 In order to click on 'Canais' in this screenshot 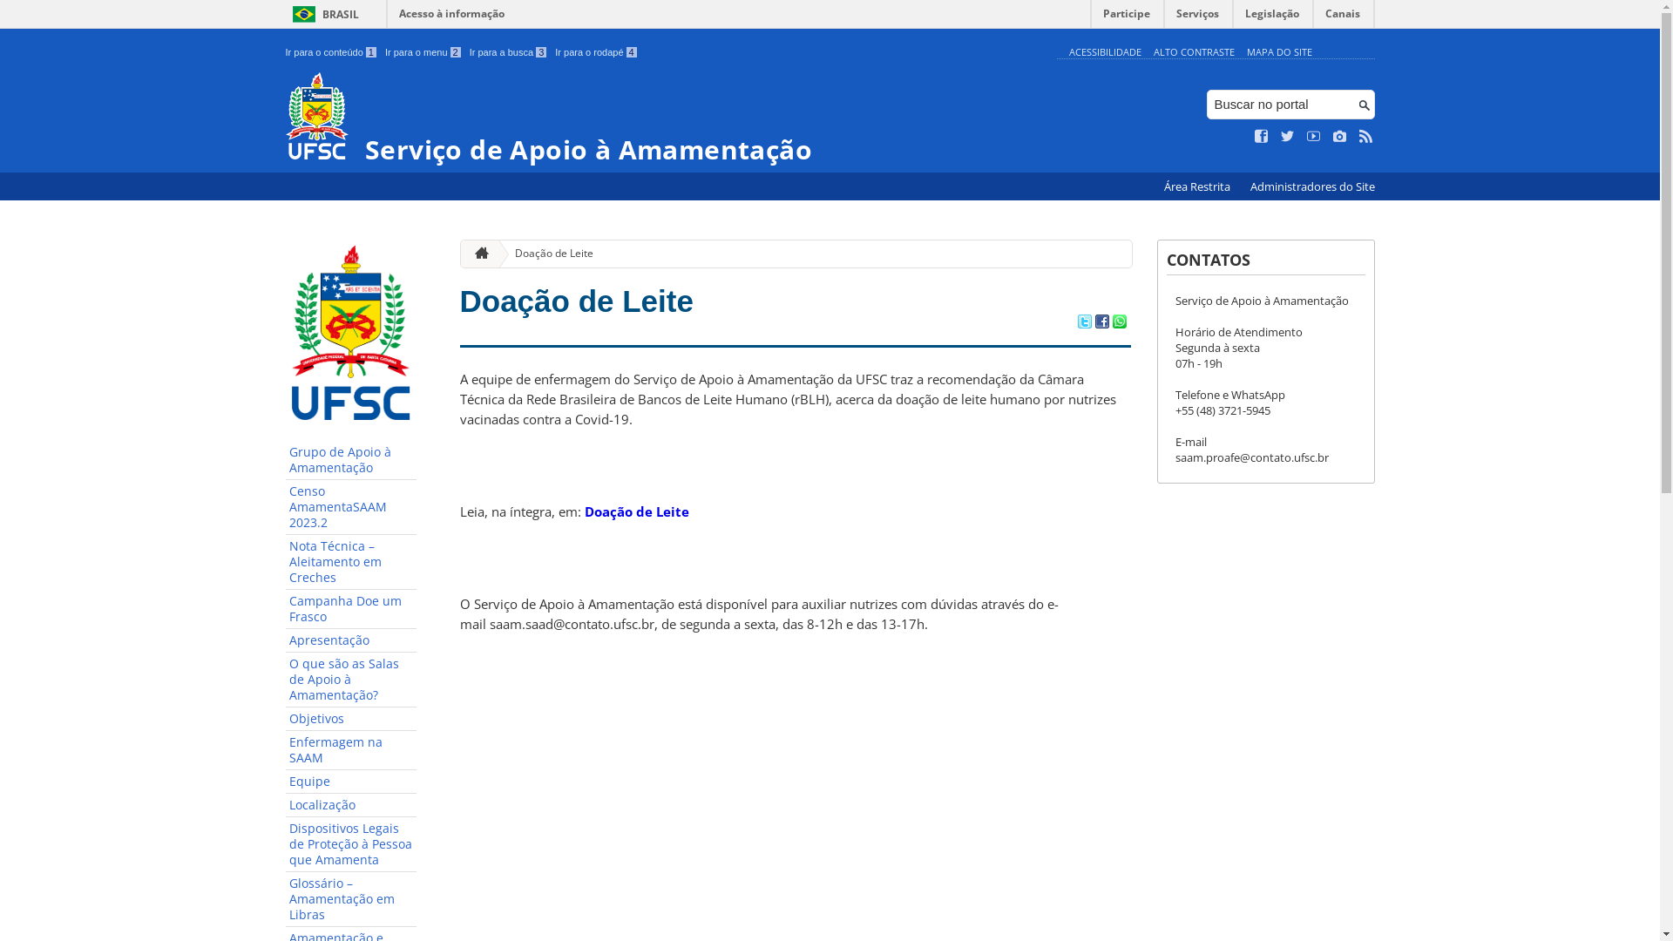, I will do `click(1342, 17)`.